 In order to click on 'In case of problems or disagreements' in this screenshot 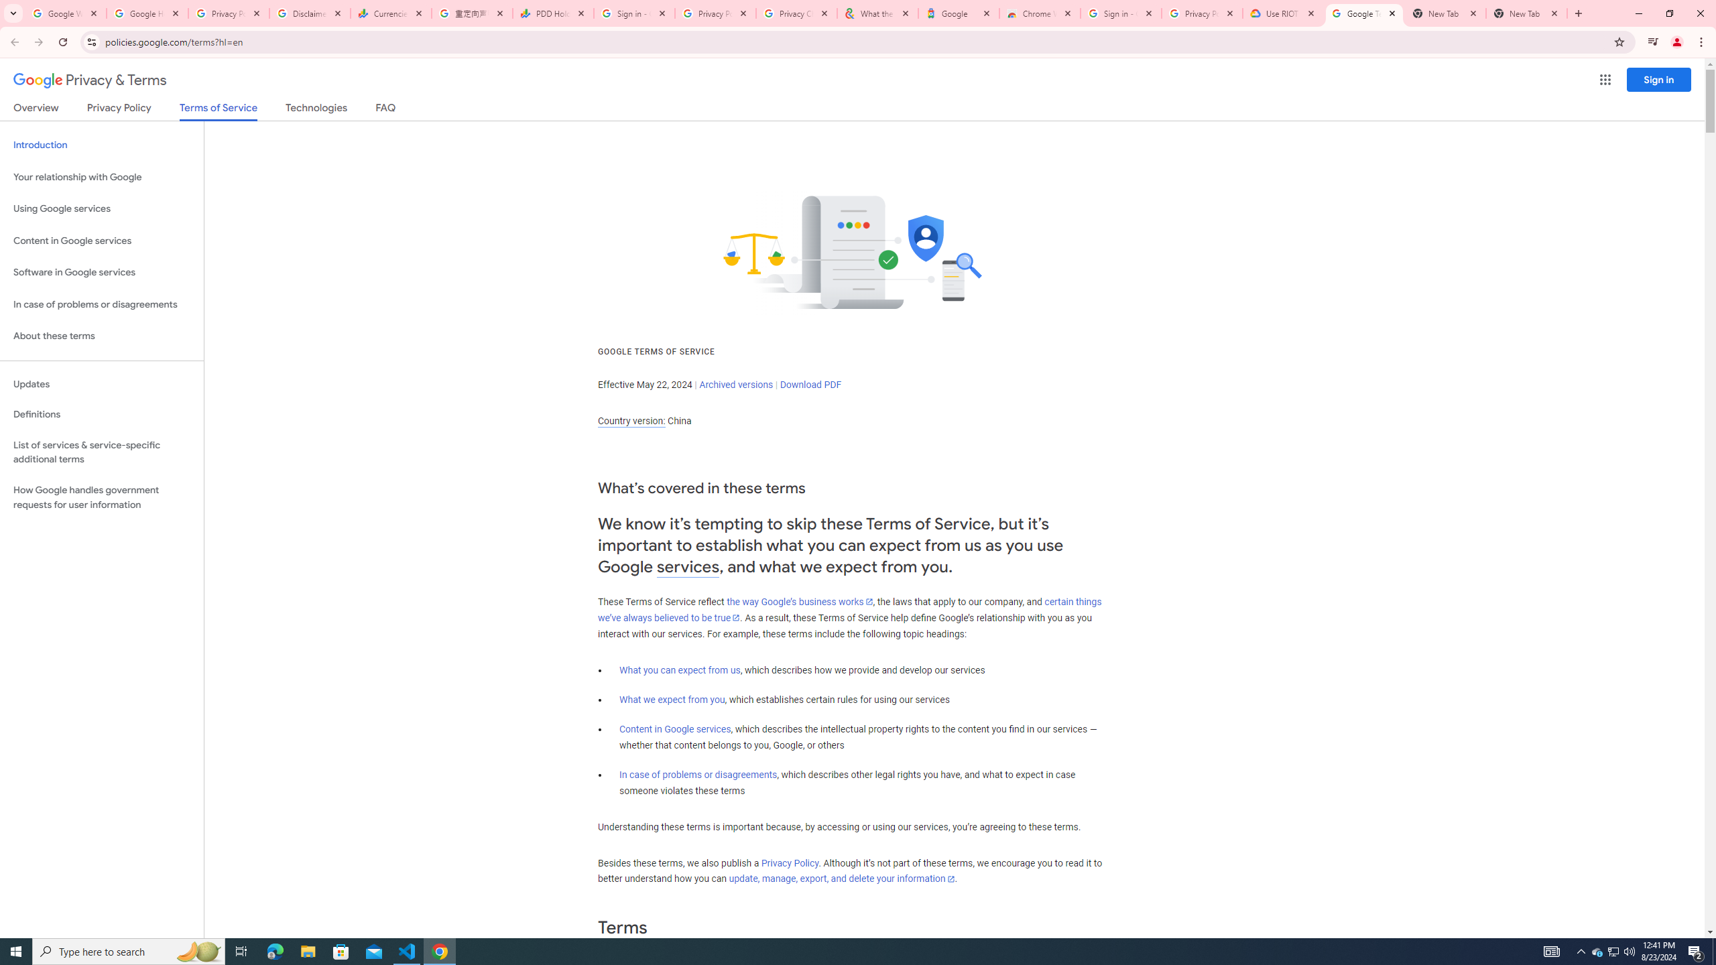, I will do `click(697, 775)`.